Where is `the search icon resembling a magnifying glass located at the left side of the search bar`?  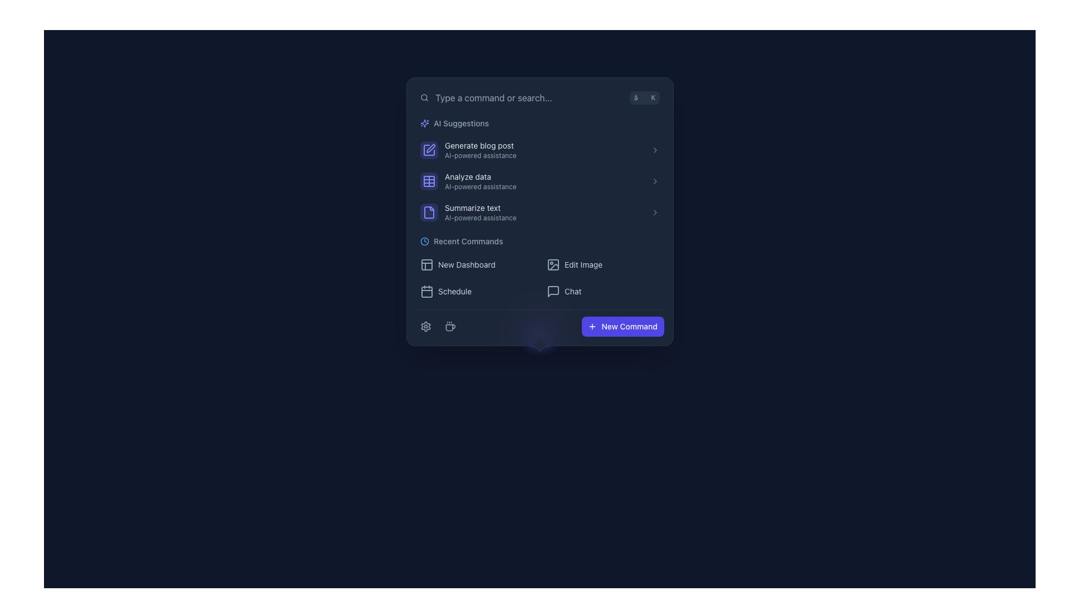
the search icon resembling a magnifying glass located at the left side of the search bar is located at coordinates (424, 97).